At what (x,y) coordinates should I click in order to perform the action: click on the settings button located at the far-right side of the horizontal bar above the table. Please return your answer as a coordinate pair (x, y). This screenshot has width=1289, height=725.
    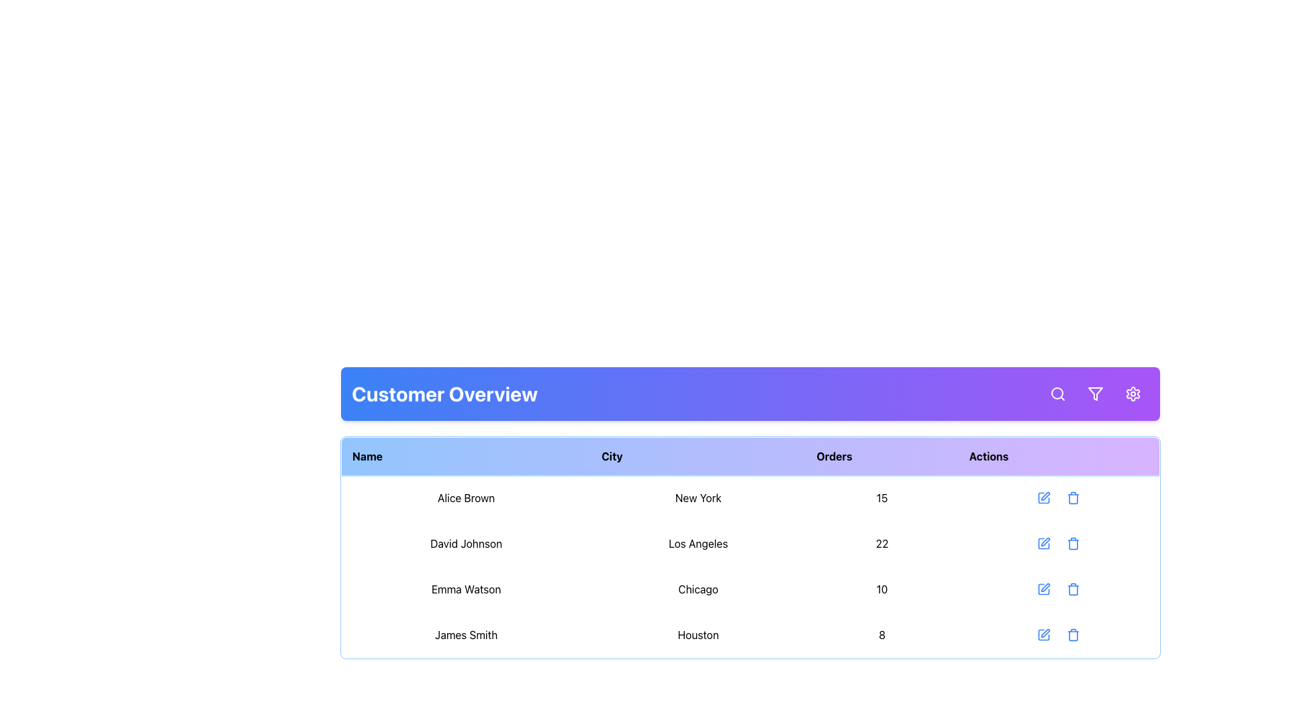
    Looking at the image, I should click on (1133, 393).